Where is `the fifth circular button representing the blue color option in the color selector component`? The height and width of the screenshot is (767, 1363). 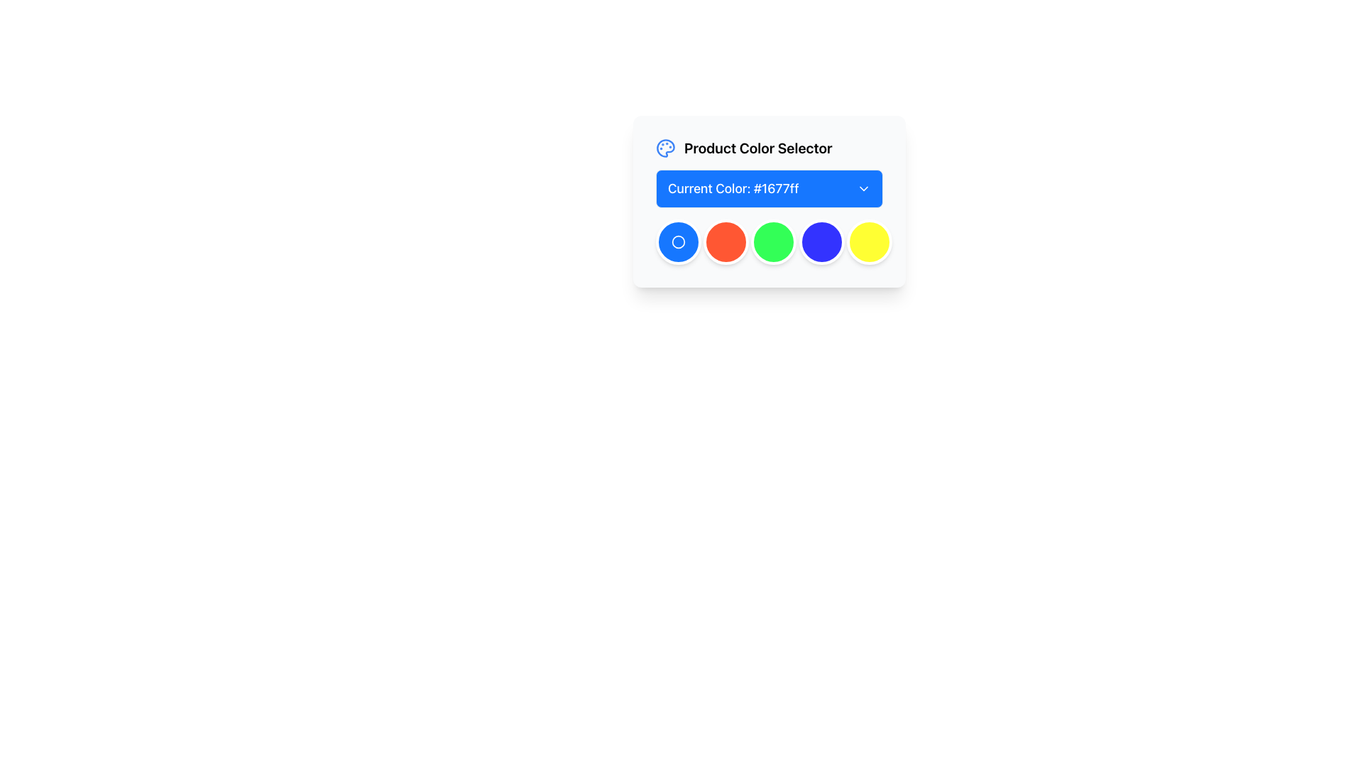
the fifth circular button representing the blue color option in the color selector component is located at coordinates (821, 241).